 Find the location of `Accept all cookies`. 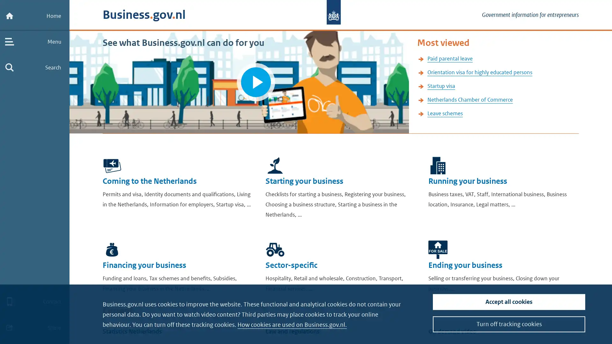

Accept all cookies is located at coordinates (509, 301).